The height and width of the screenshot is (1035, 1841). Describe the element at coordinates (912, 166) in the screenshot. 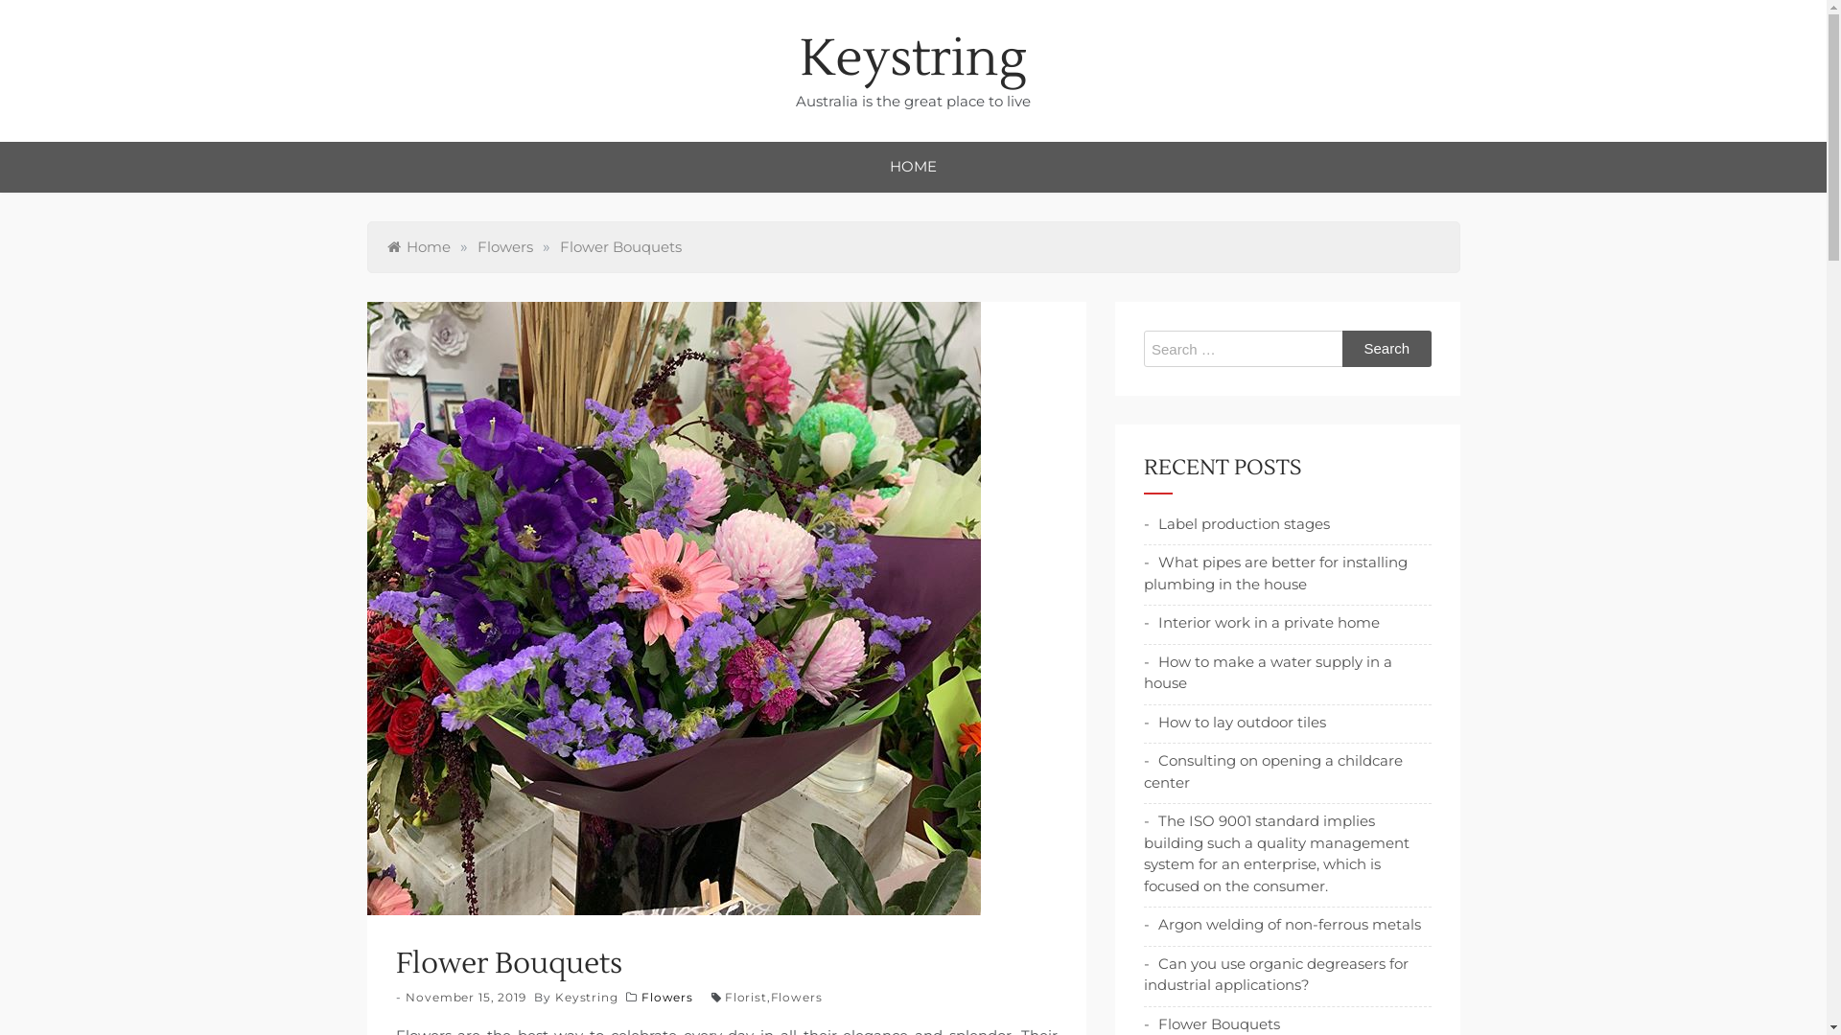

I see `'HOME'` at that location.